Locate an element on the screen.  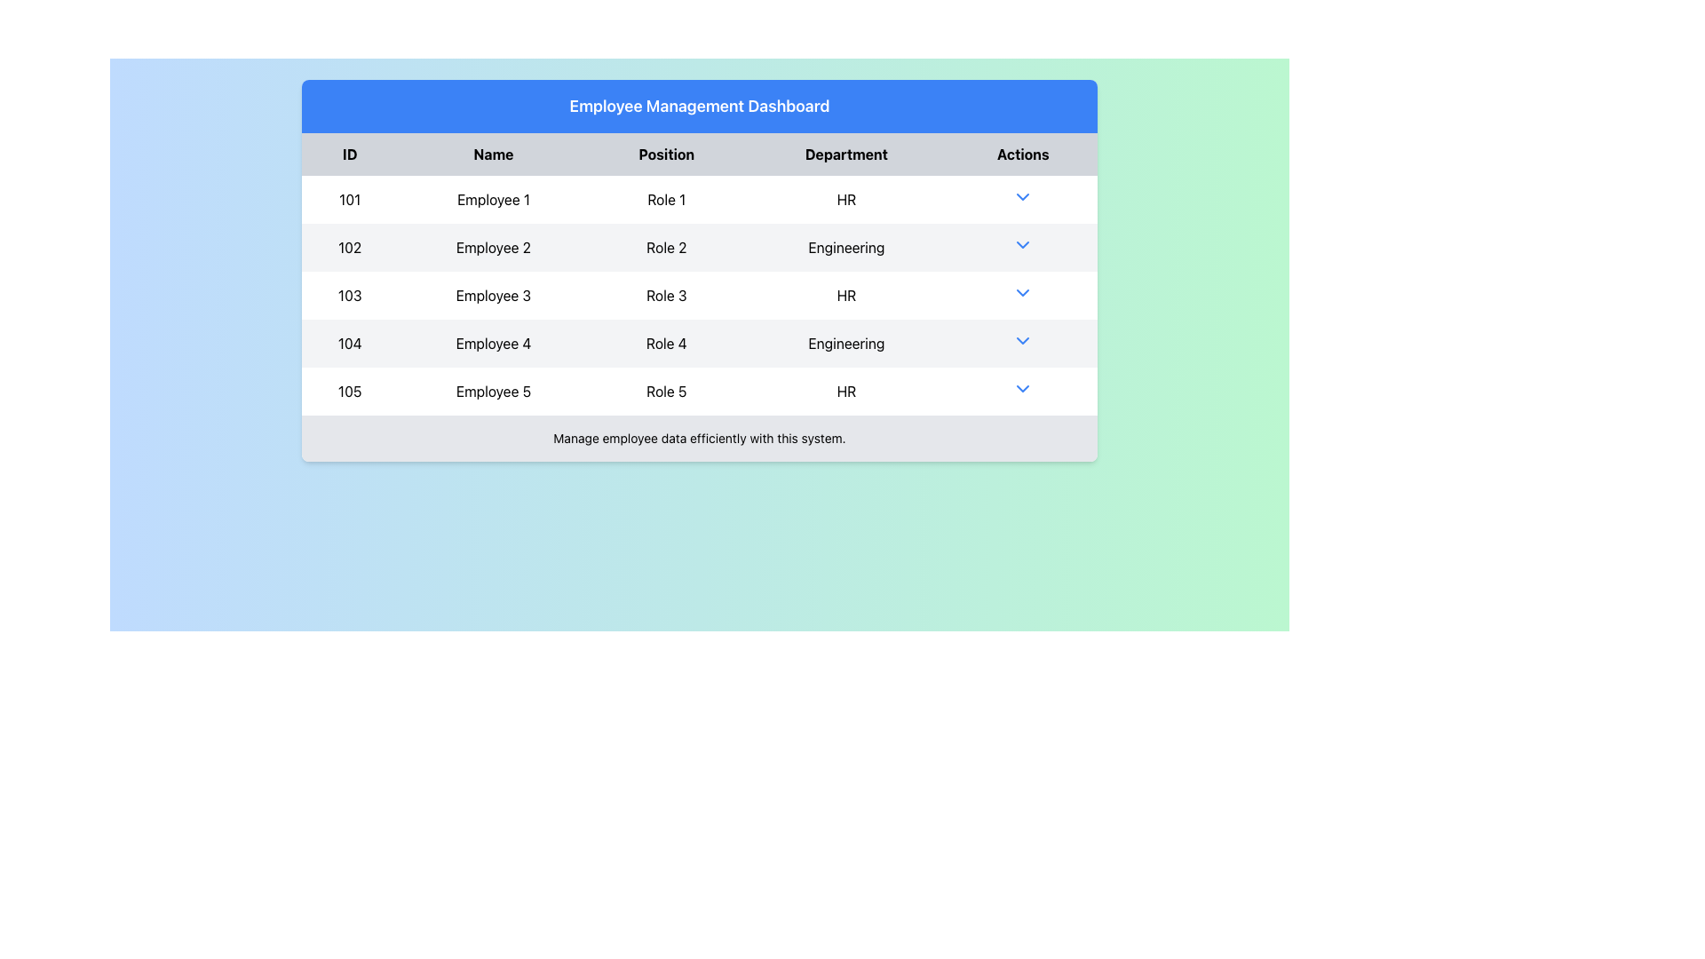
text from the Textual Table Cell displaying 'Employee 5' located in the second column under the header 'Name' in row ID '105' is located at coordinates (494, 390).